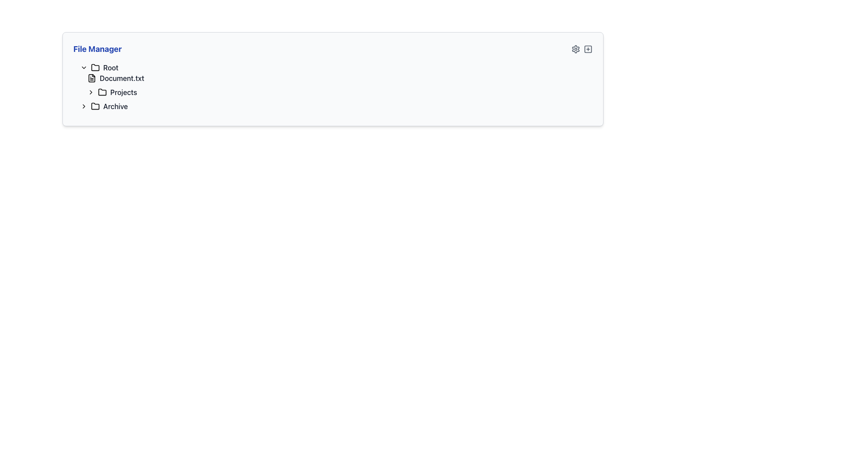 The height and width of the screenshot is (475, 844). I want to click on the folder icon representing the 'Root' directory, so click(95, 67).